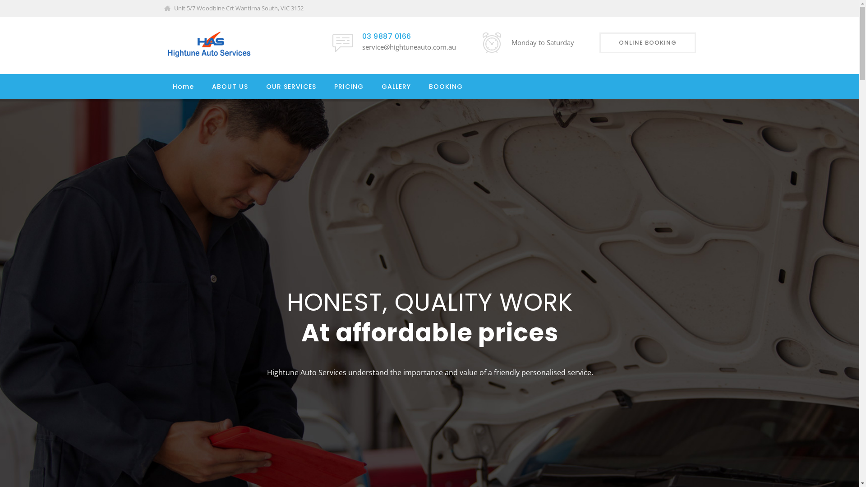  What do you see at coordinates (396, 87) in the screenshot?
I see `'GALLERY'` at bounding box center [396, 87].